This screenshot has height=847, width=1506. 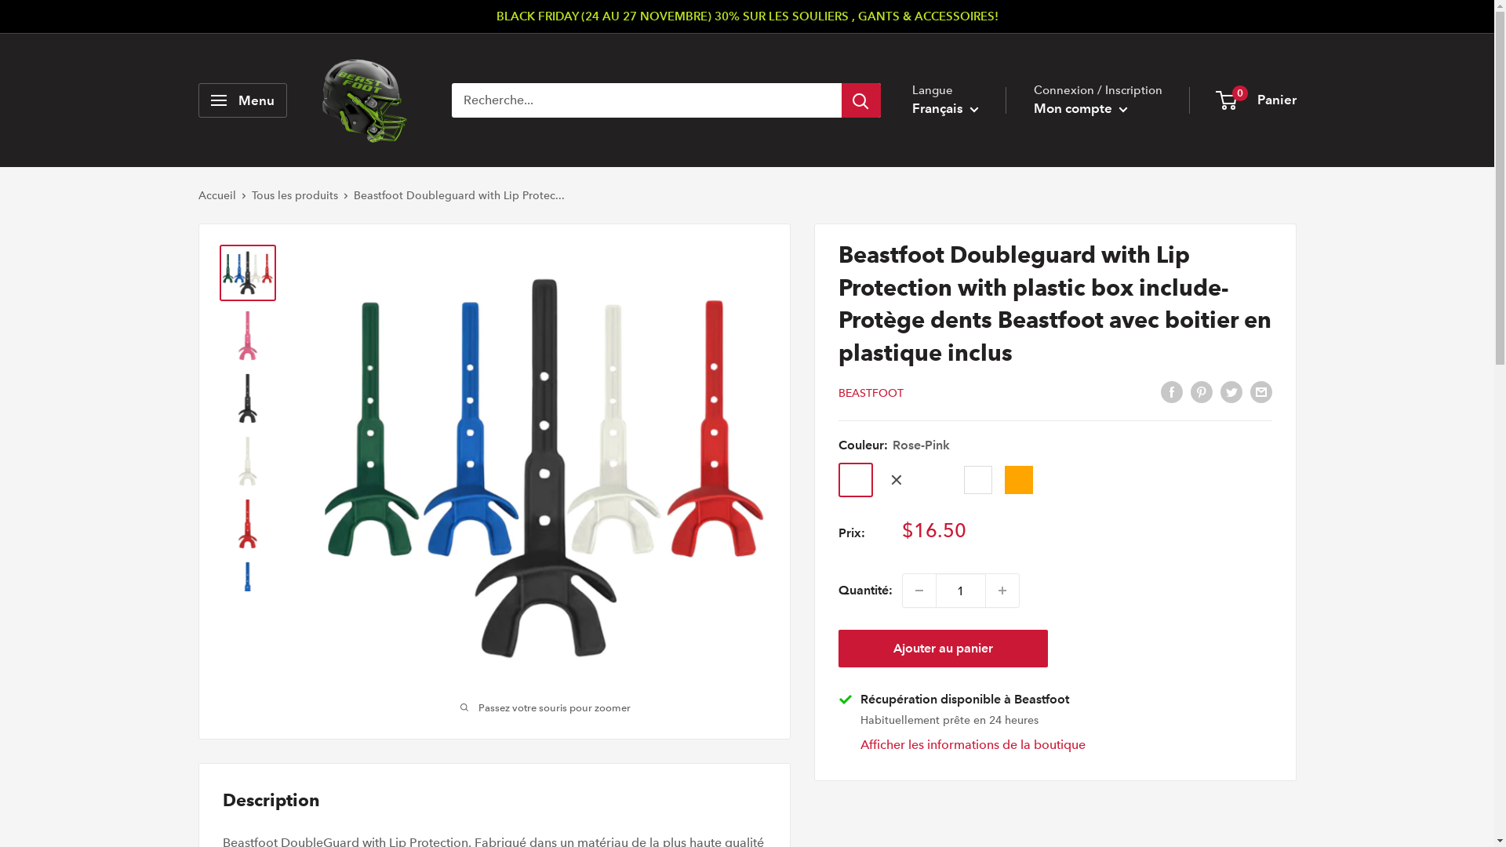 What do you see at coordinates (971, 743) in the screenshot?
I see `'Afficher les informations de la boutique'` at bounding box center [971, 743].